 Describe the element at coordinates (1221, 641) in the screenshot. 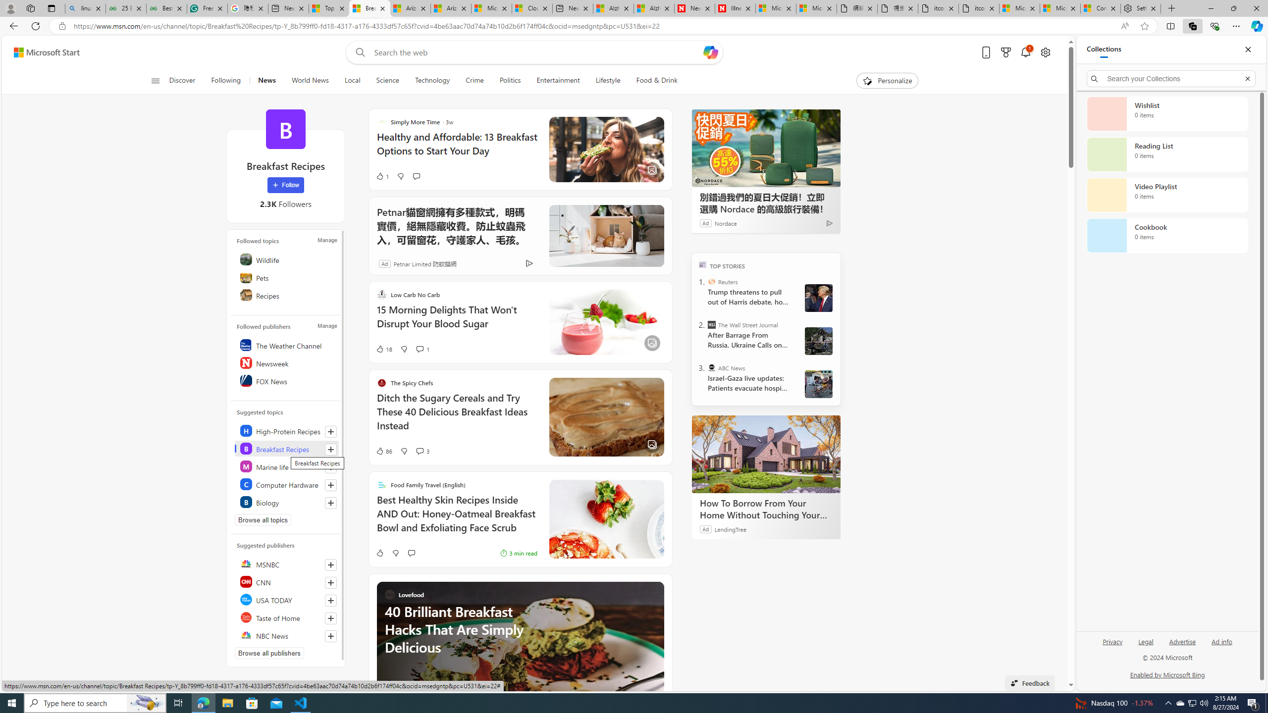

I see `'Ad info'` at that location.